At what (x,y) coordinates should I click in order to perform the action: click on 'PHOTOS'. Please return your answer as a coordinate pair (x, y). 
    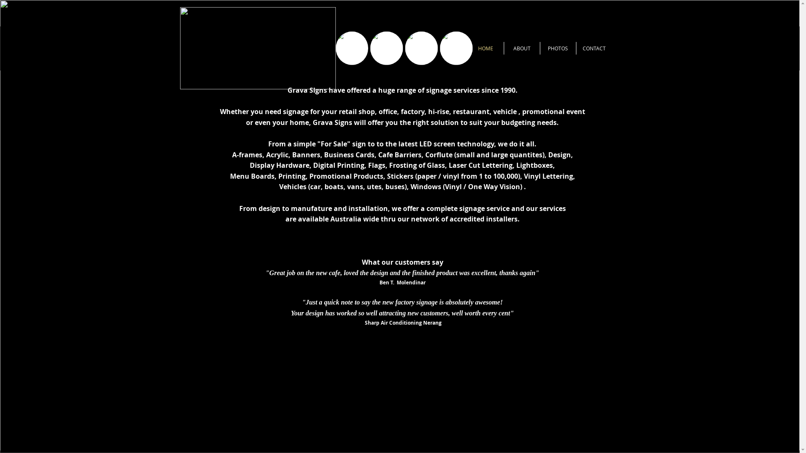
    Looking at the image, I should click on (557, 48).